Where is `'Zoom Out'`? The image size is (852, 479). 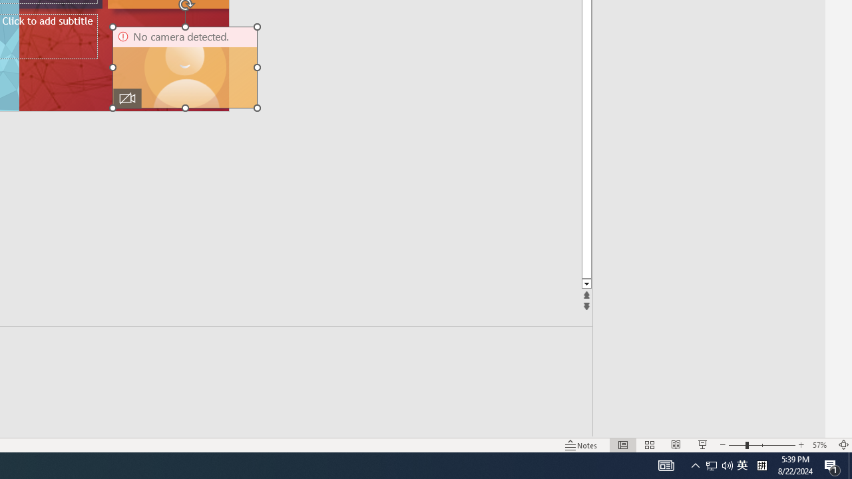 'Zoom Out' is located at coordinates (736, 445).